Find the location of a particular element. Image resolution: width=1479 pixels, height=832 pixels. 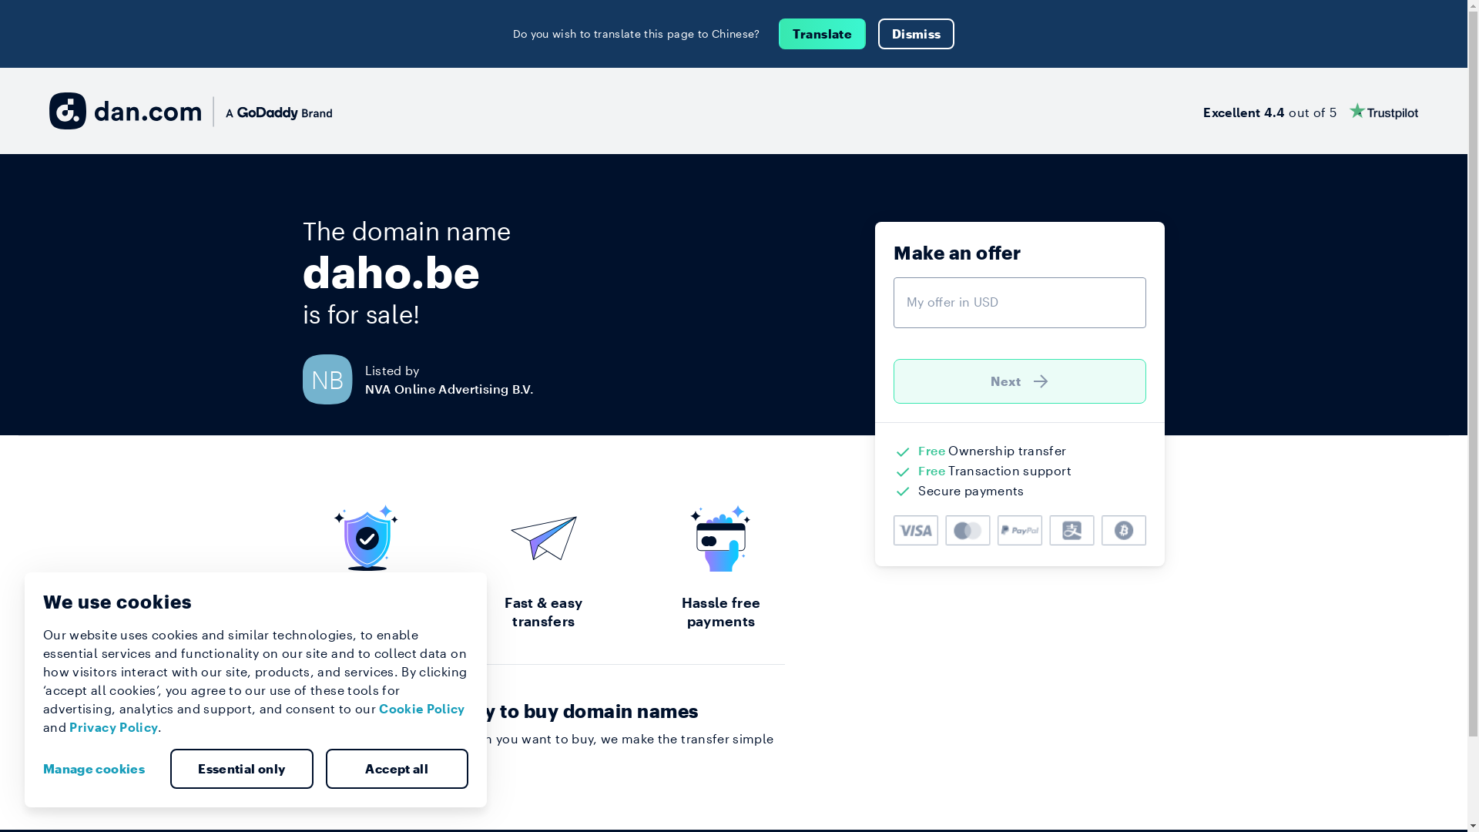

'Privacy Policy' is located at coordinates (112, 726).